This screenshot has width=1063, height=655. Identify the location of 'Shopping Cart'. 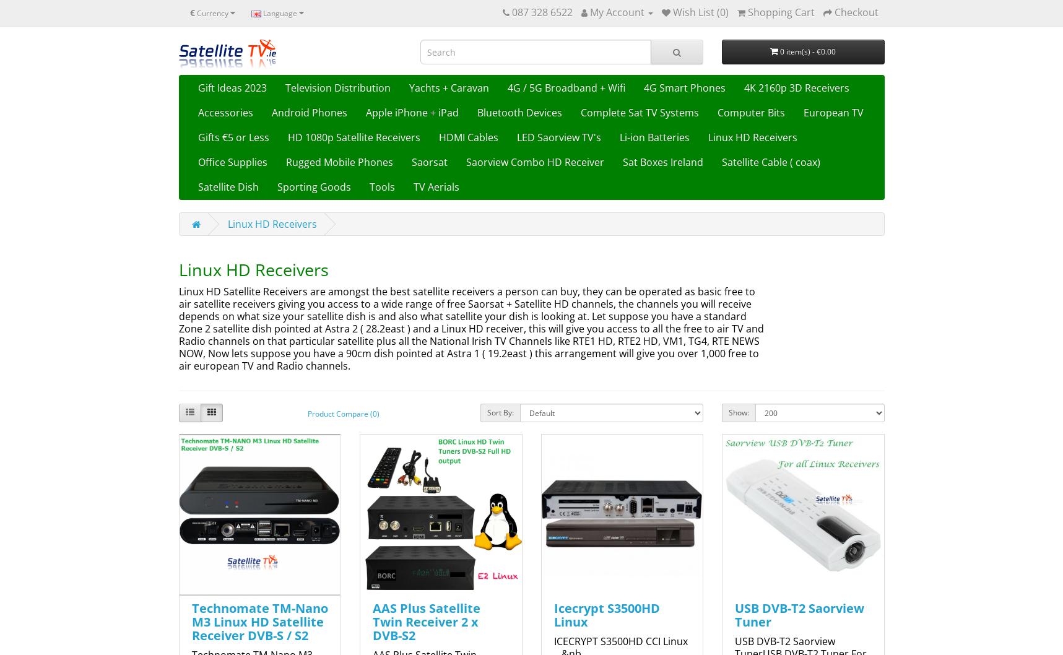
(780, 12).